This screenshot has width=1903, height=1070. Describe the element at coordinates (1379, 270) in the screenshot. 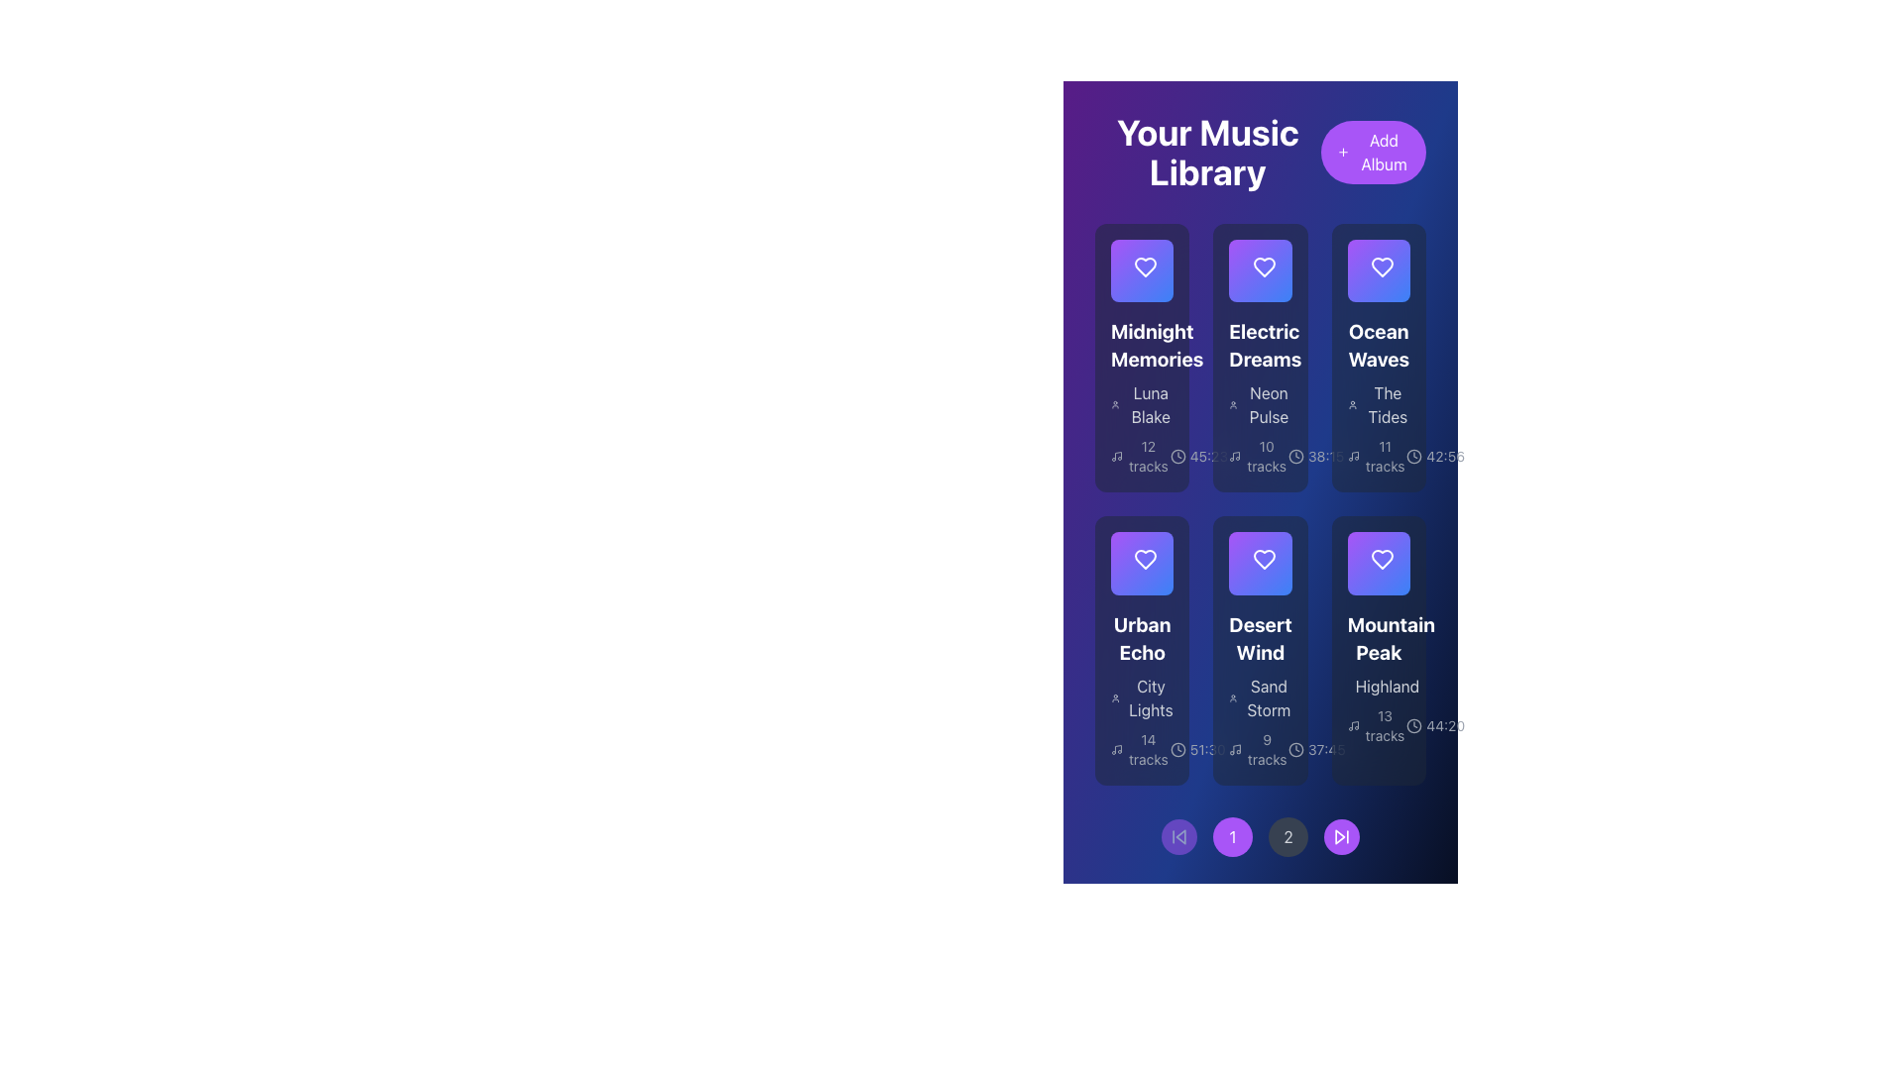

I see `the triangular play icon located within the play button SVG of the 'Ocean Waves' card in the 'Your Music Library' section` at that location.